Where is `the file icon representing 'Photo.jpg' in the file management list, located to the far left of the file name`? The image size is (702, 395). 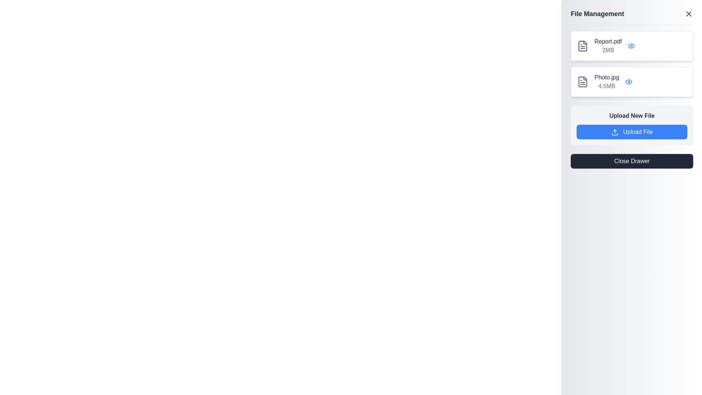 the file icon representing 'Photo.jpg' in the file management list, located to the far left of the file name is located at coordinates (582, 82).